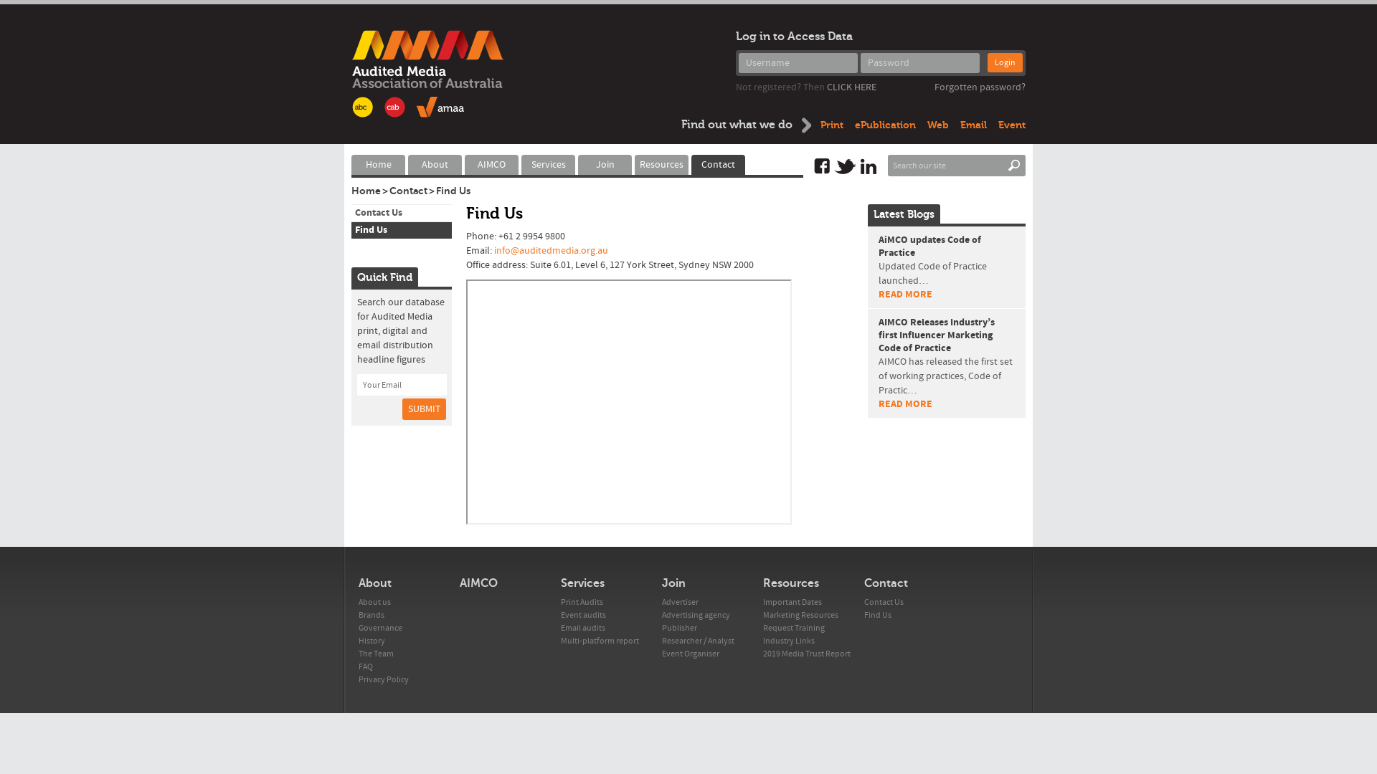 This screenshot has width=1377, height=774. What do you see at coordinates (762, 640) in the screenshot?
I see `'Industry Links'` at bounding box center [762, 640].